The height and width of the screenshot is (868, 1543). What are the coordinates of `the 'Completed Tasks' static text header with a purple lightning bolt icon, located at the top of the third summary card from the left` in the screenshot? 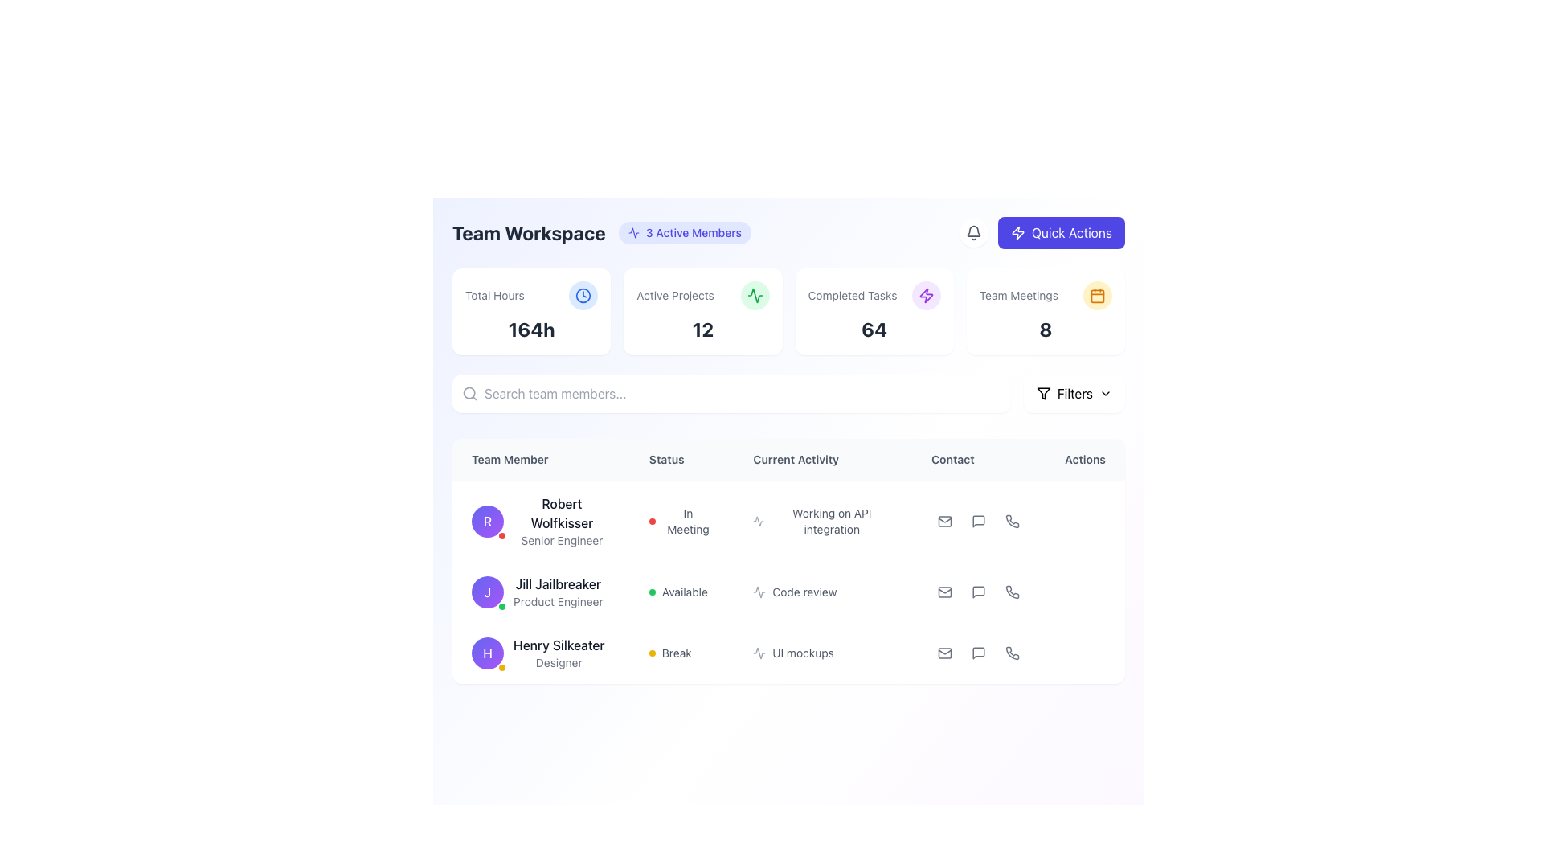 It's located at (874, 295).